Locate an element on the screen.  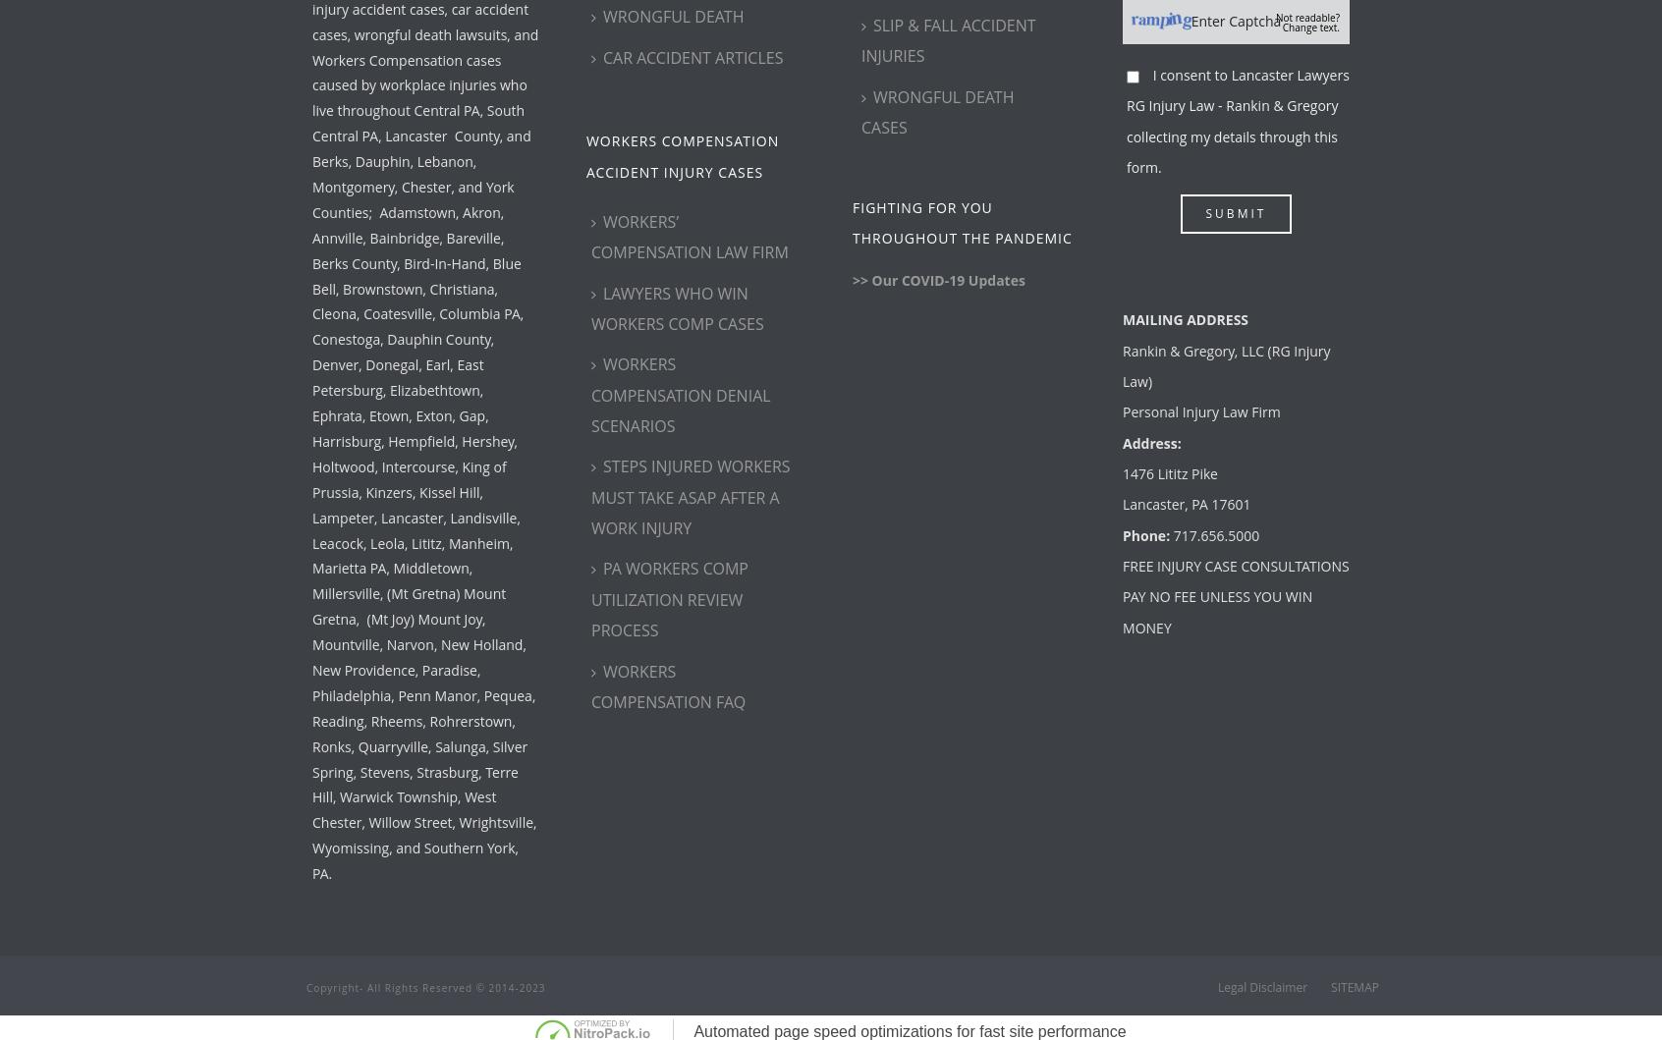
'Workers Compensation Faq' is located at coordinates (668, 685).